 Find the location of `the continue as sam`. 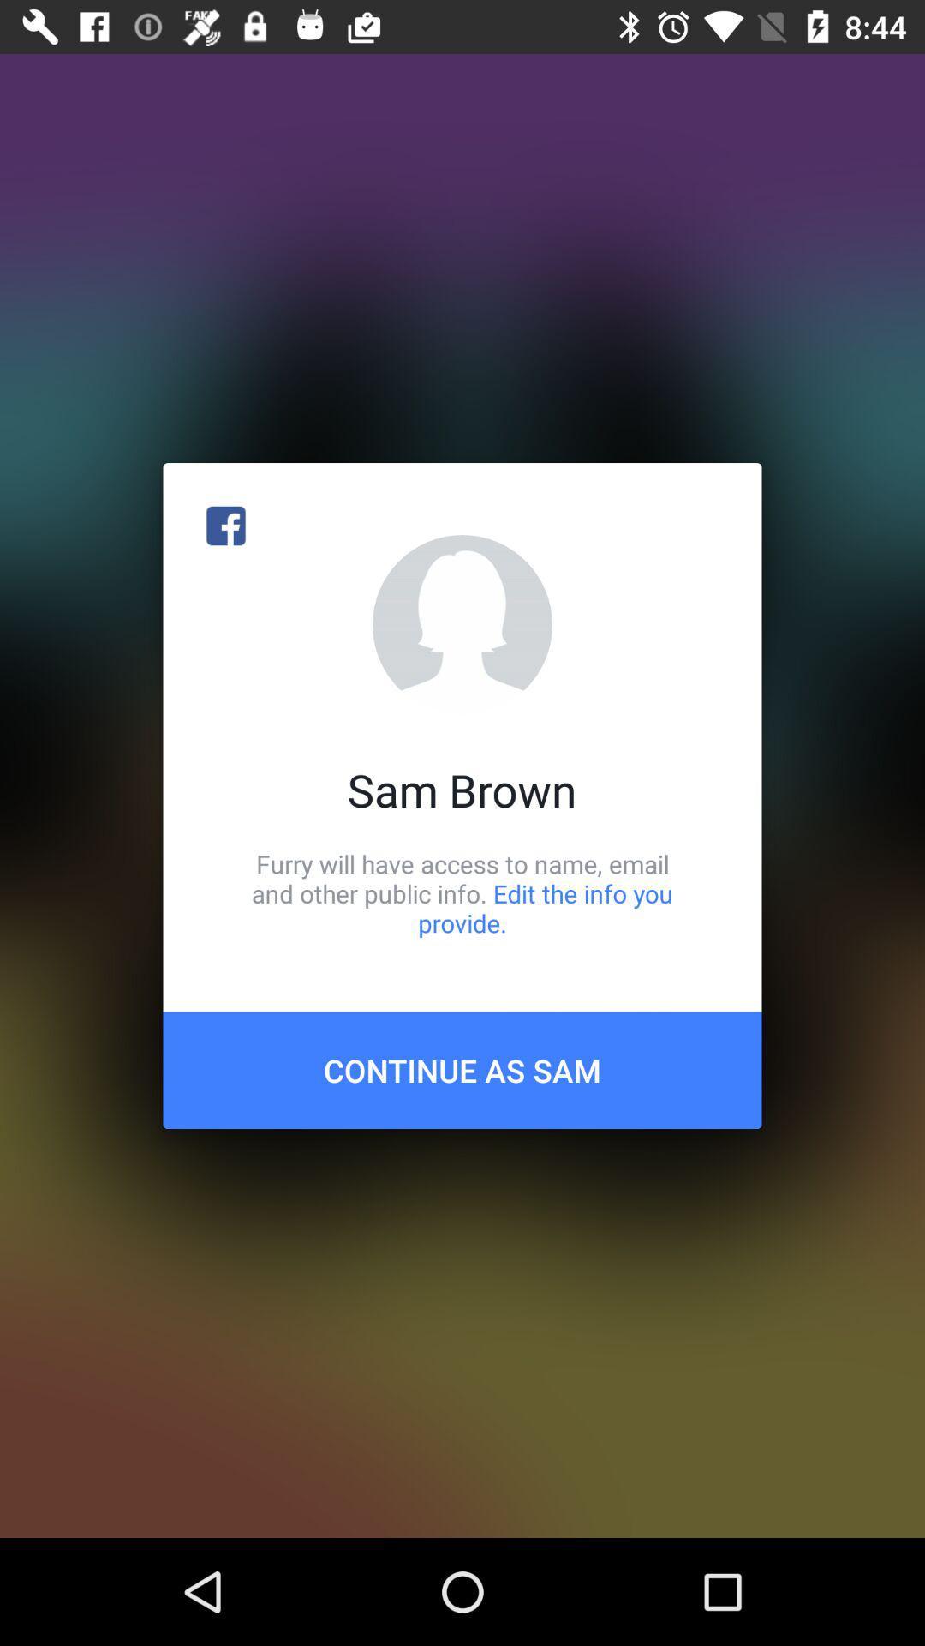

the continue as sam is located at coordinates (462, 1069).